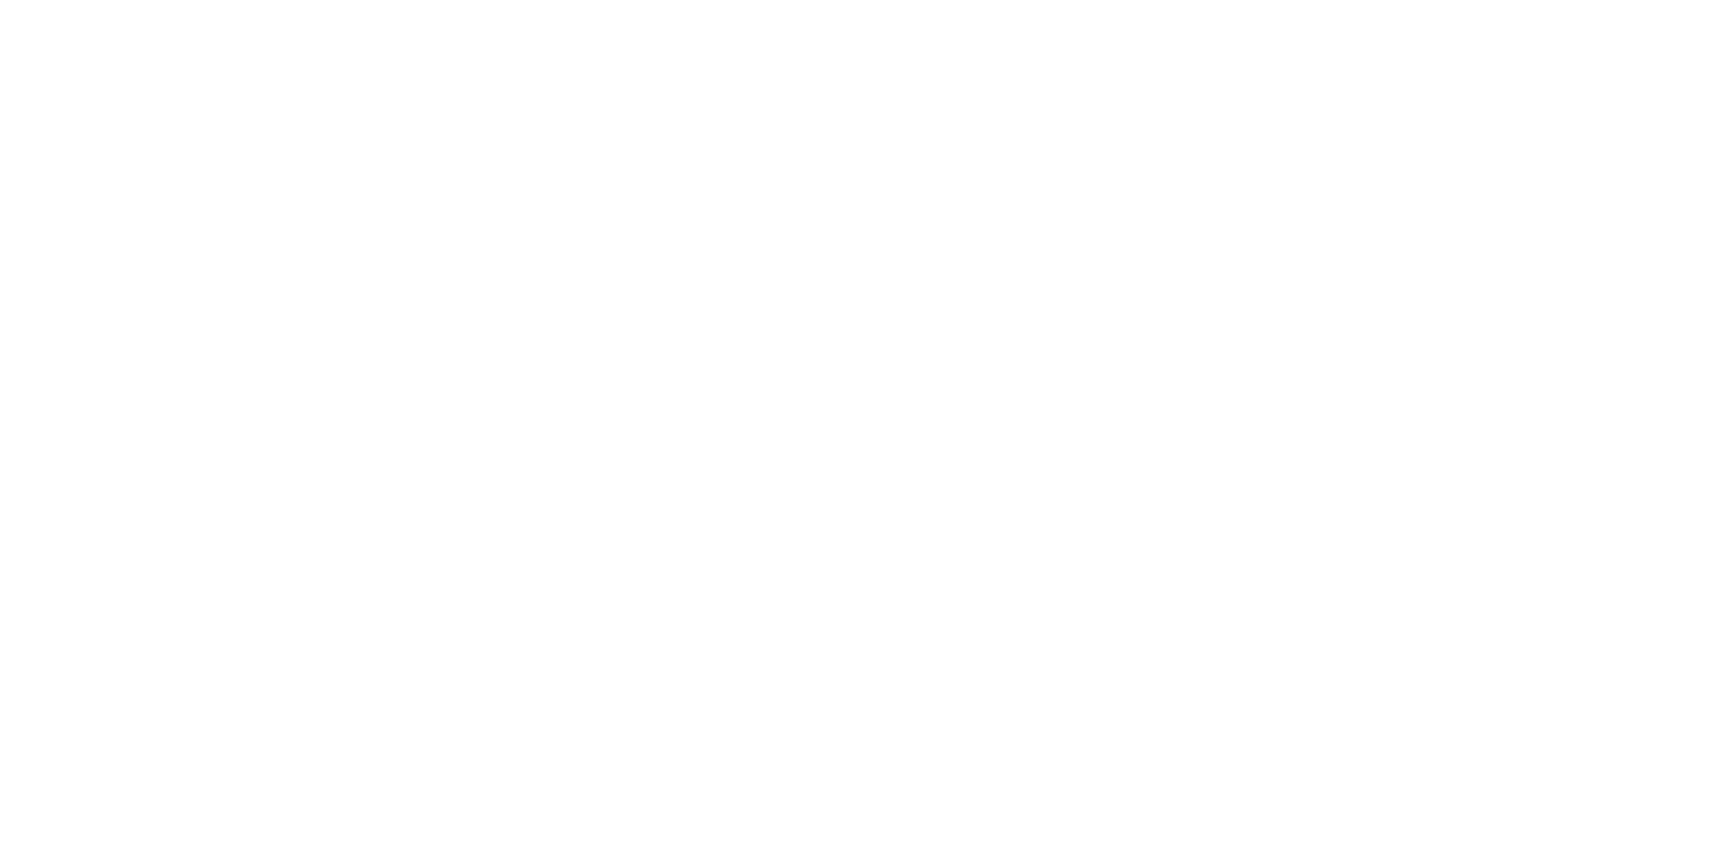 The height and width of the screenshot is (868, 1713). What do you see at coordinates (675, 670) in the screenshot?
I see `'Authors'` at bounding box center [675, 670].